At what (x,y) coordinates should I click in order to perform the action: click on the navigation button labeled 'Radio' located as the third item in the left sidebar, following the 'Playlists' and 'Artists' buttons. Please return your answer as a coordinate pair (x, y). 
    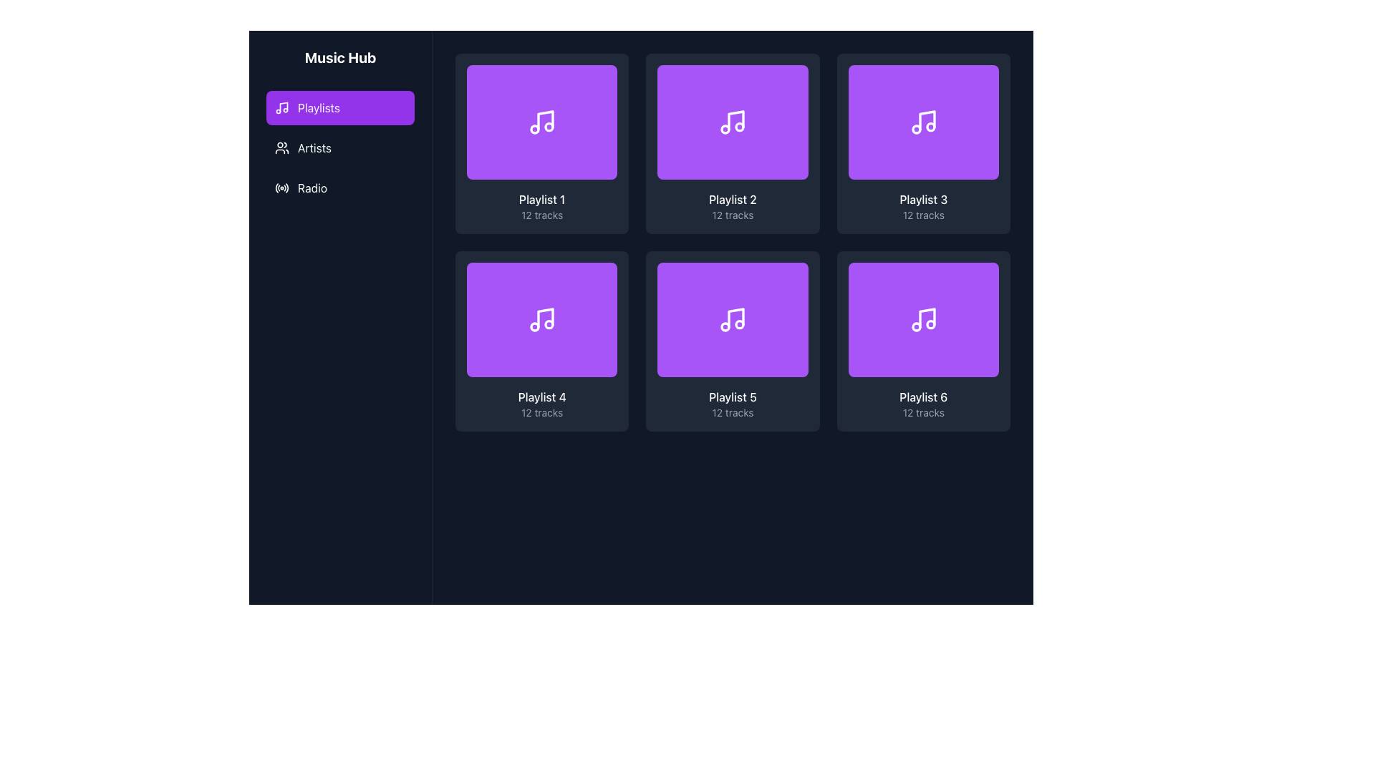
    Looking at the image, I should click on (339, 187).